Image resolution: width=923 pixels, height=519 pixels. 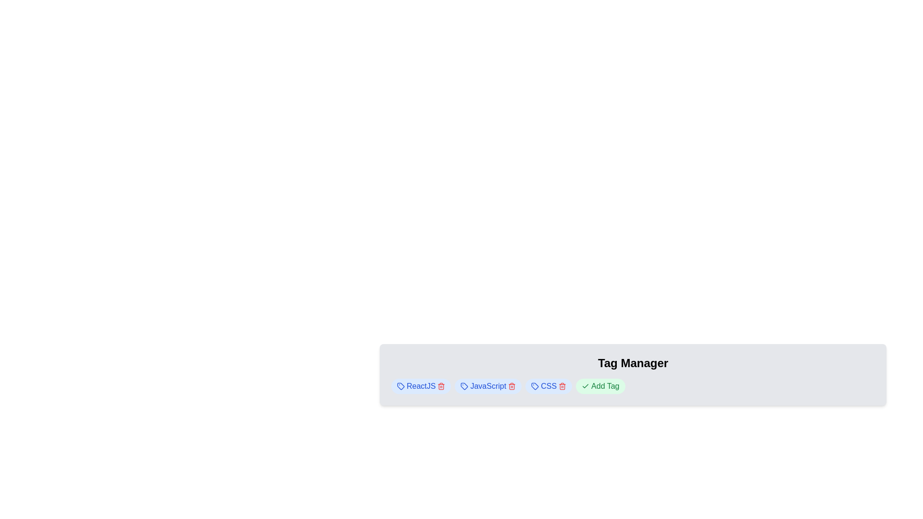 I want to click on the 'CSS' tag label in the 'Tag Manager' section, which is styled with a light blue rounded background and contains a blue label text, so click(x=549, y=385).